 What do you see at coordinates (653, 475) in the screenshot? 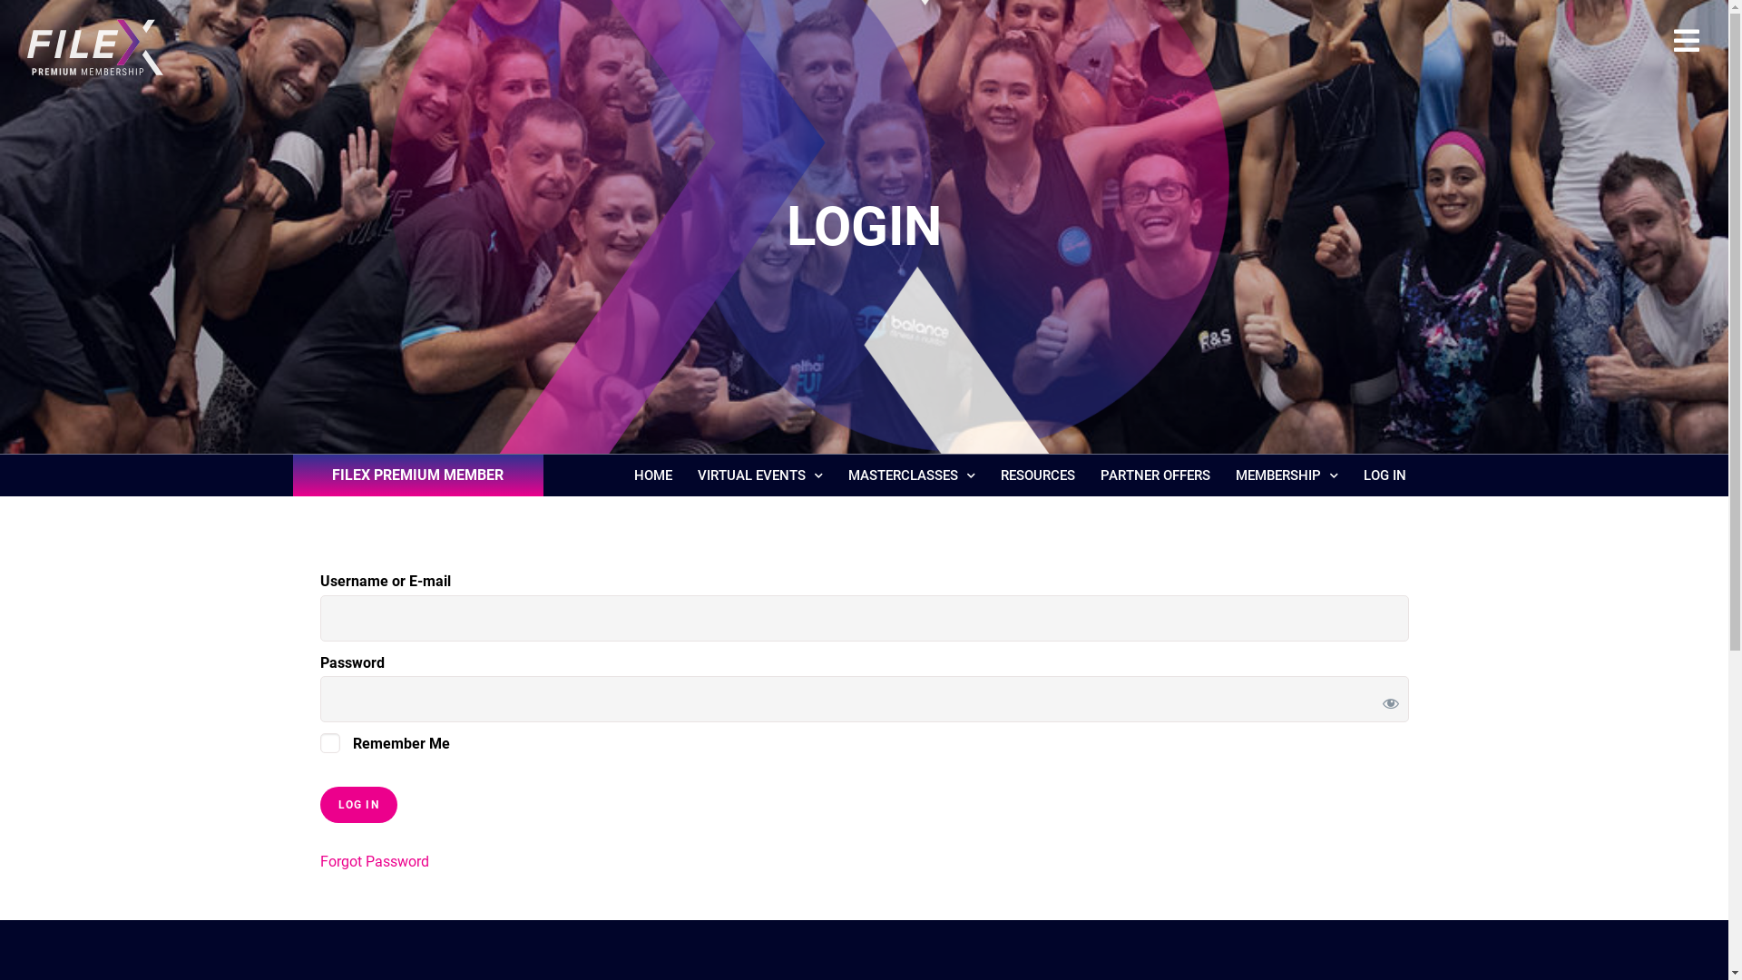
I see `'HOME'` at bounding box center [653, 475].